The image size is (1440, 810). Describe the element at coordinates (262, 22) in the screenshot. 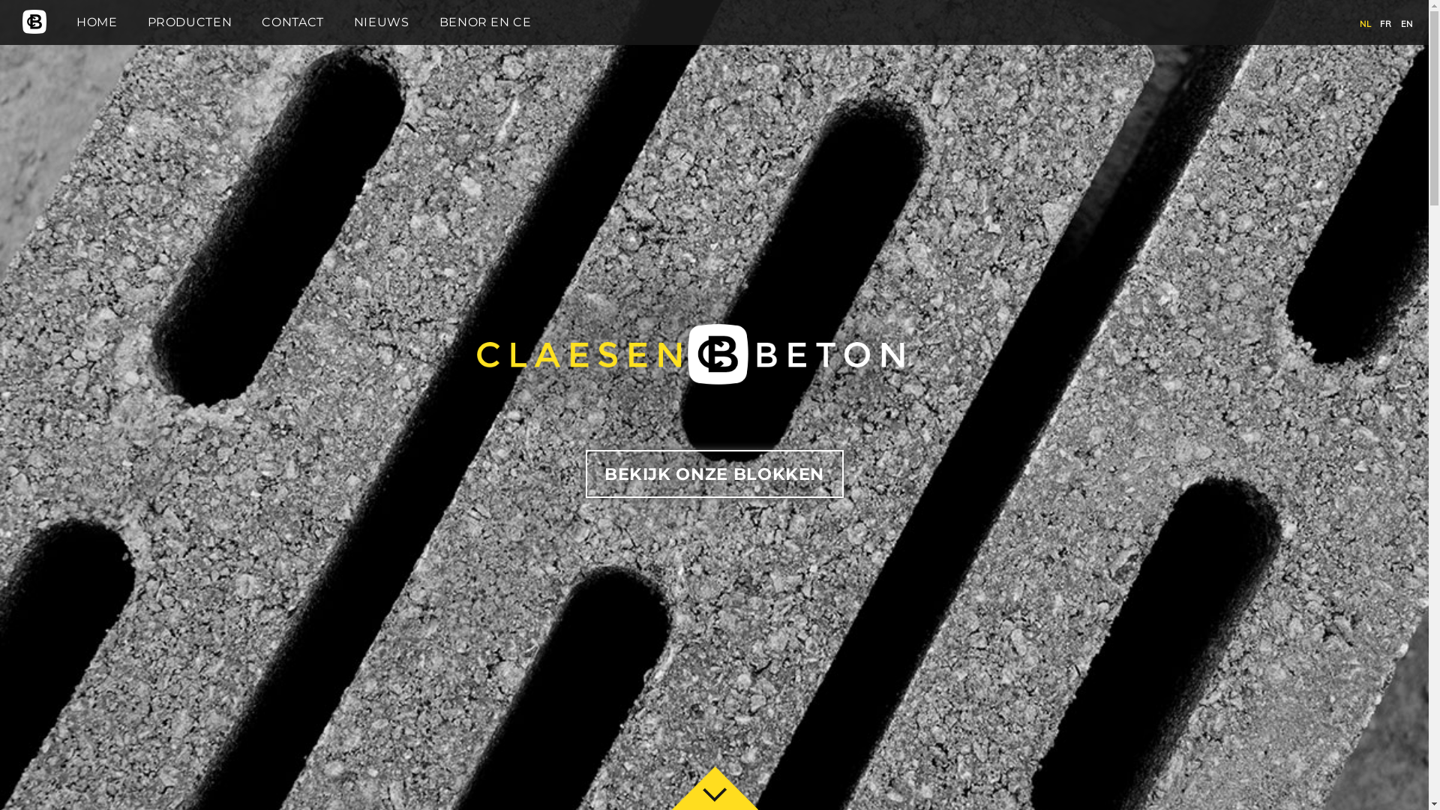

I see `'CONTACT'` at that location.